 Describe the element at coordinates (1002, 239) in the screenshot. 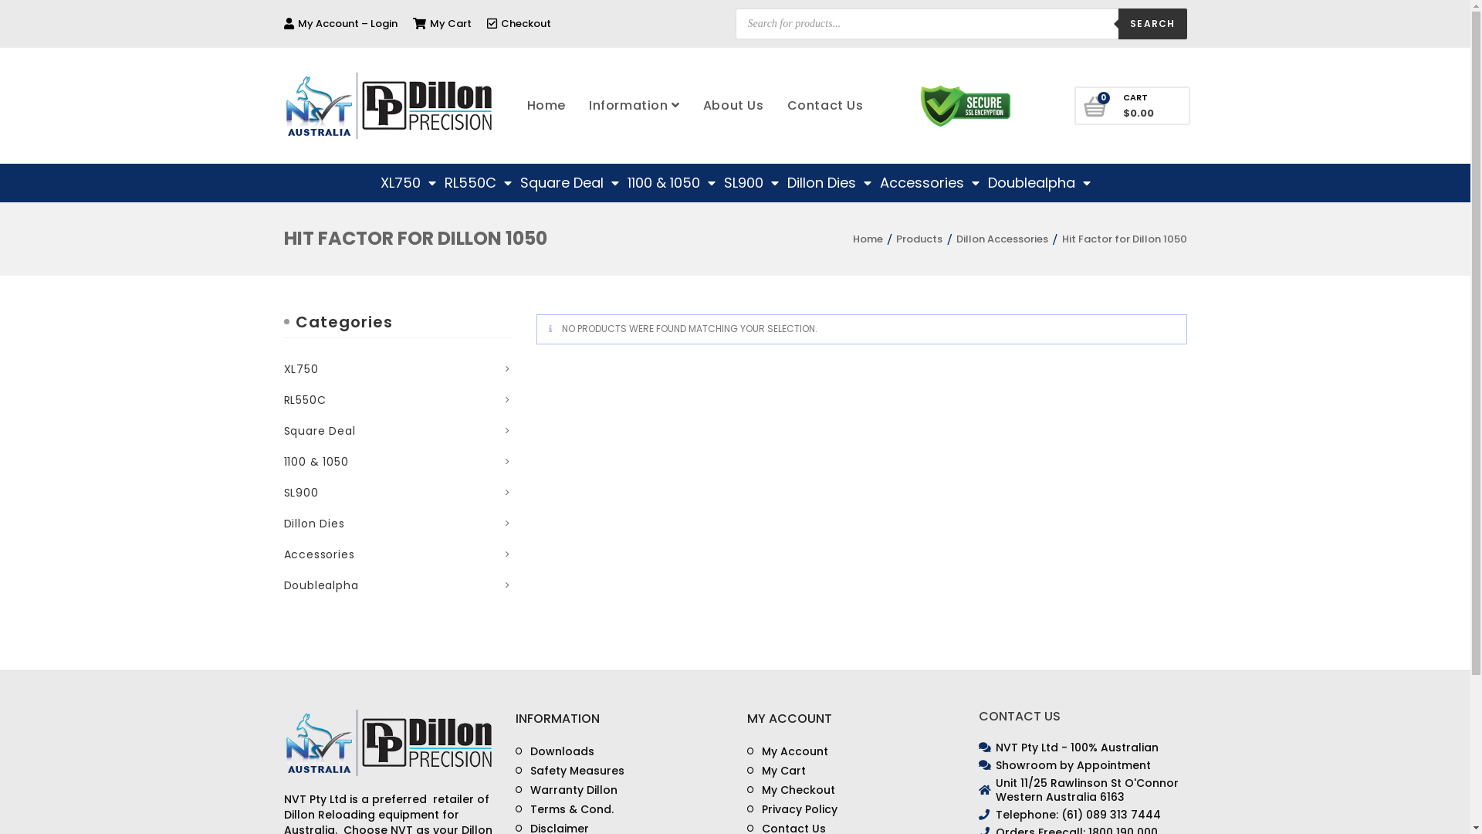

I see `'Dillon Accessories'` at that location.